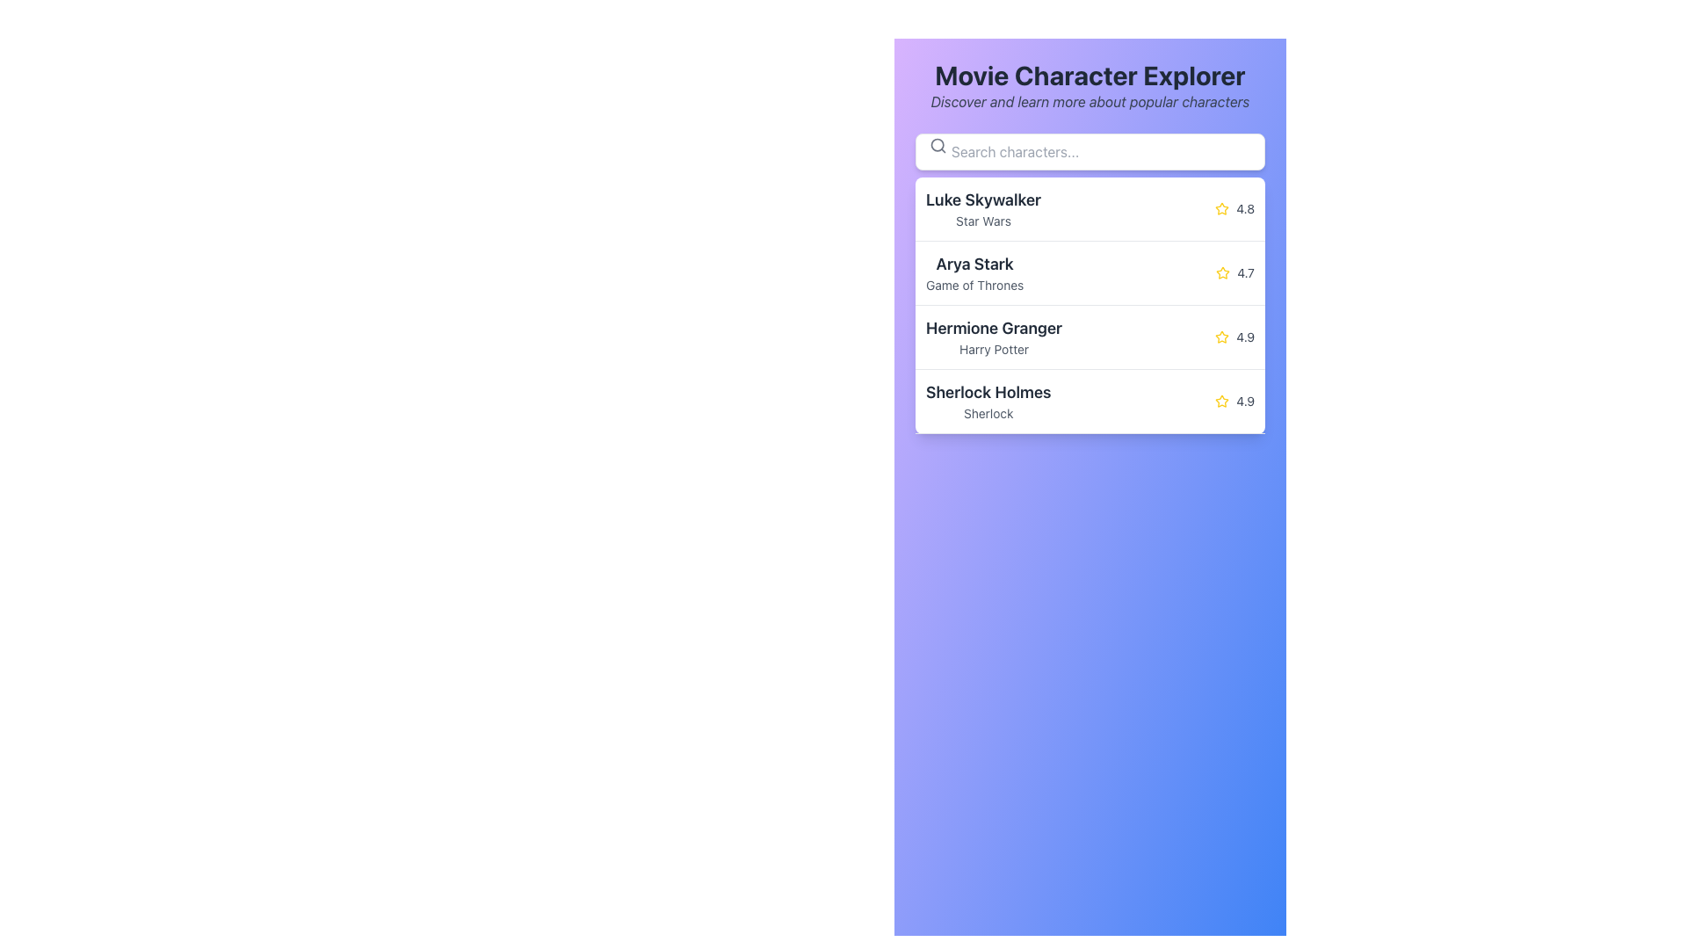  What do you see at coordinates (1244, 337) in the screenshot?
I see `the static text displaying the rating '4.9', which is styled in gray and located in the fourth row of character ratings, right-most after the yellow star icon` at bounding box center [1244, 337].